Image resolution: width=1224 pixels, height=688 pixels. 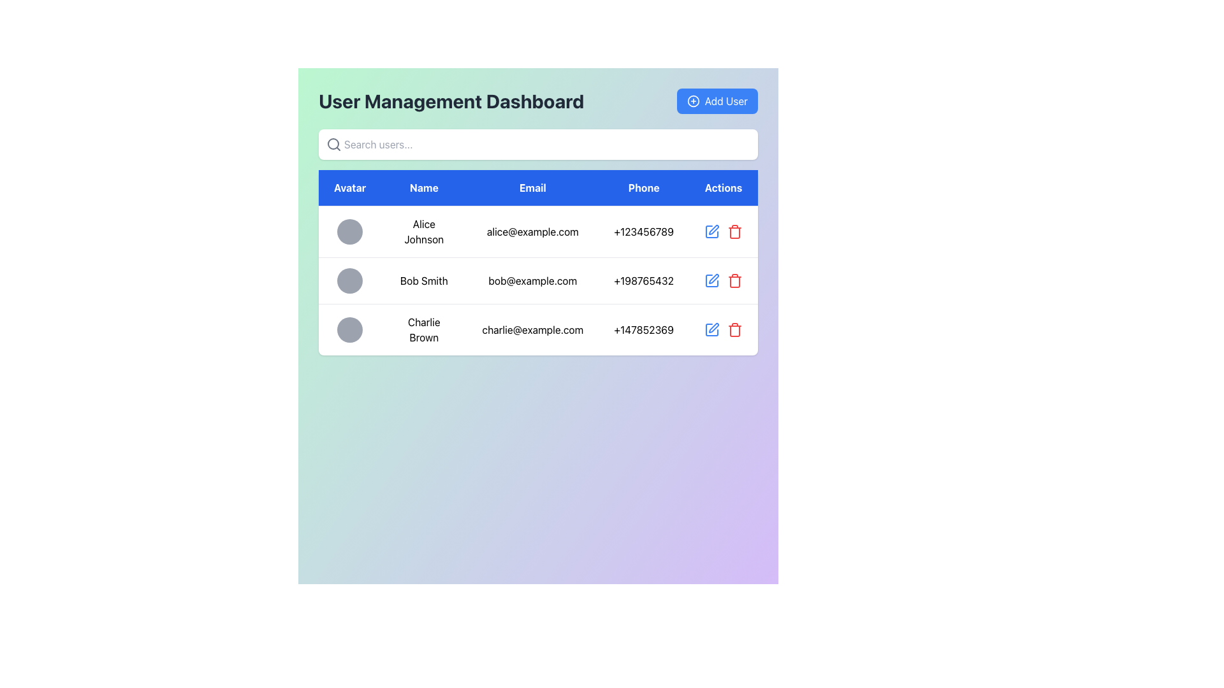 What do you see at coordinates (424, 329) in the screenshot?
I see `displayed text from the text label that reads 'Charlie Brown', which is centered in its cell within the tabular layout` at bounding box center [424, 329].